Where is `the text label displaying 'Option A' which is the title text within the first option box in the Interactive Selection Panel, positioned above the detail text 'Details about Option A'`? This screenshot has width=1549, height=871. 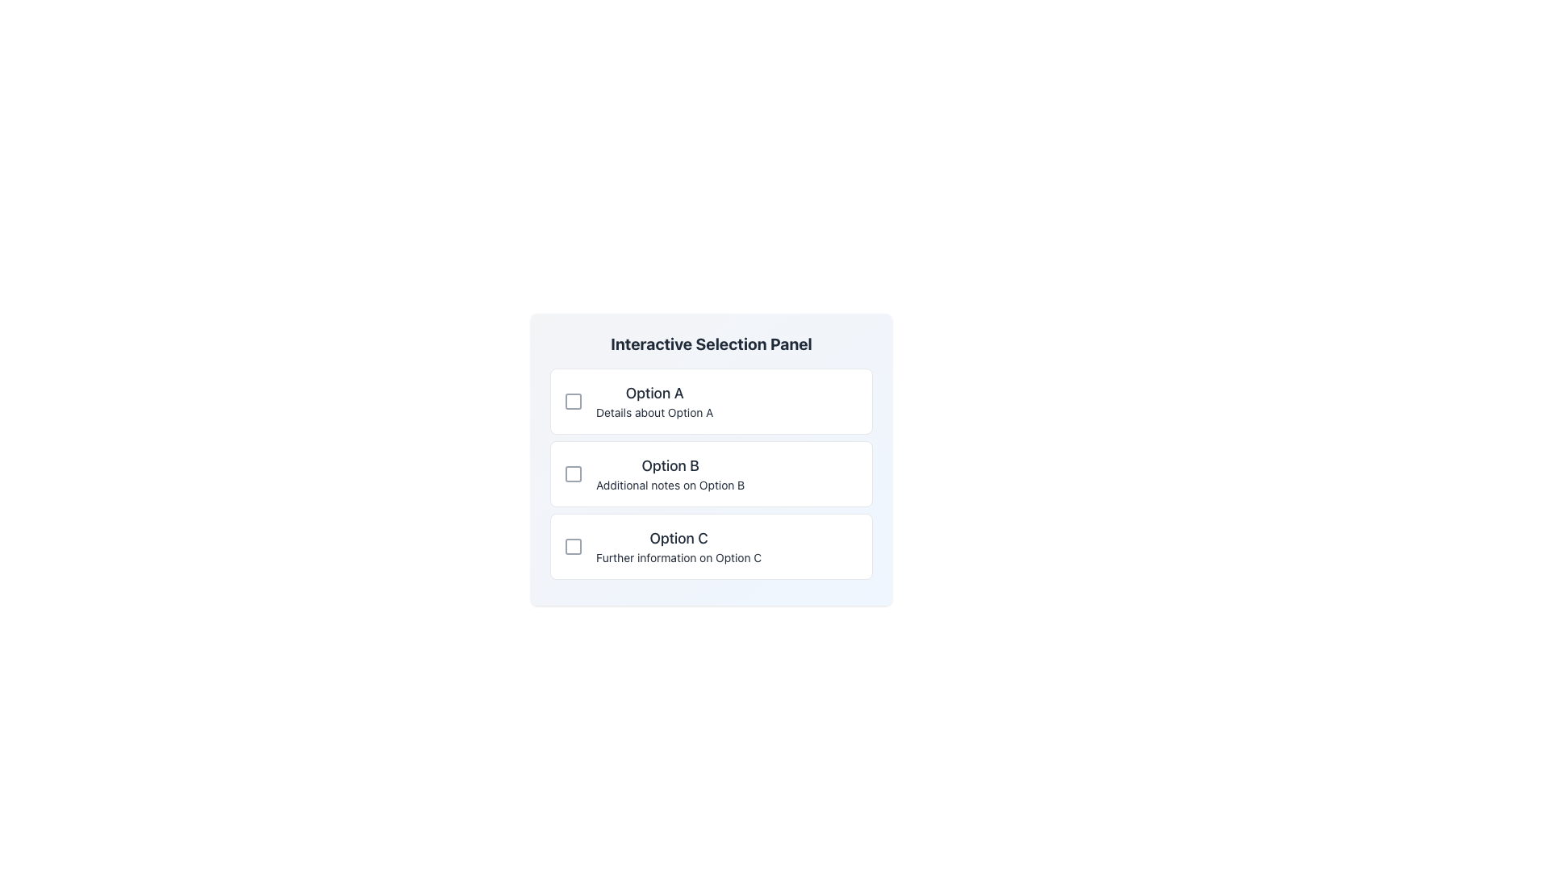
the text label displaying 'Option A' which is the title text within the first option box in the Interactive Selection Panel, positioned above the detail text 'Details about Option A' is located at coordinates (654, 394).